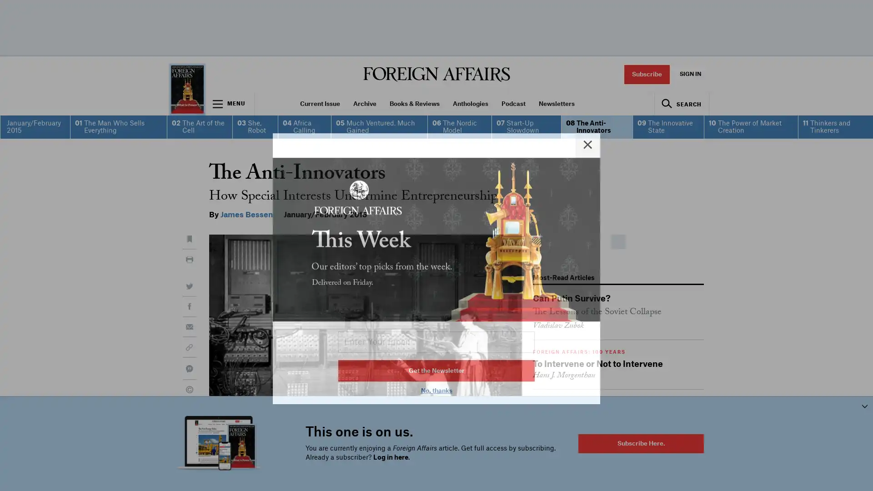  Describe the element at coordinates (864, 406) in the screenshot. I see `Collapse Element` at that location.